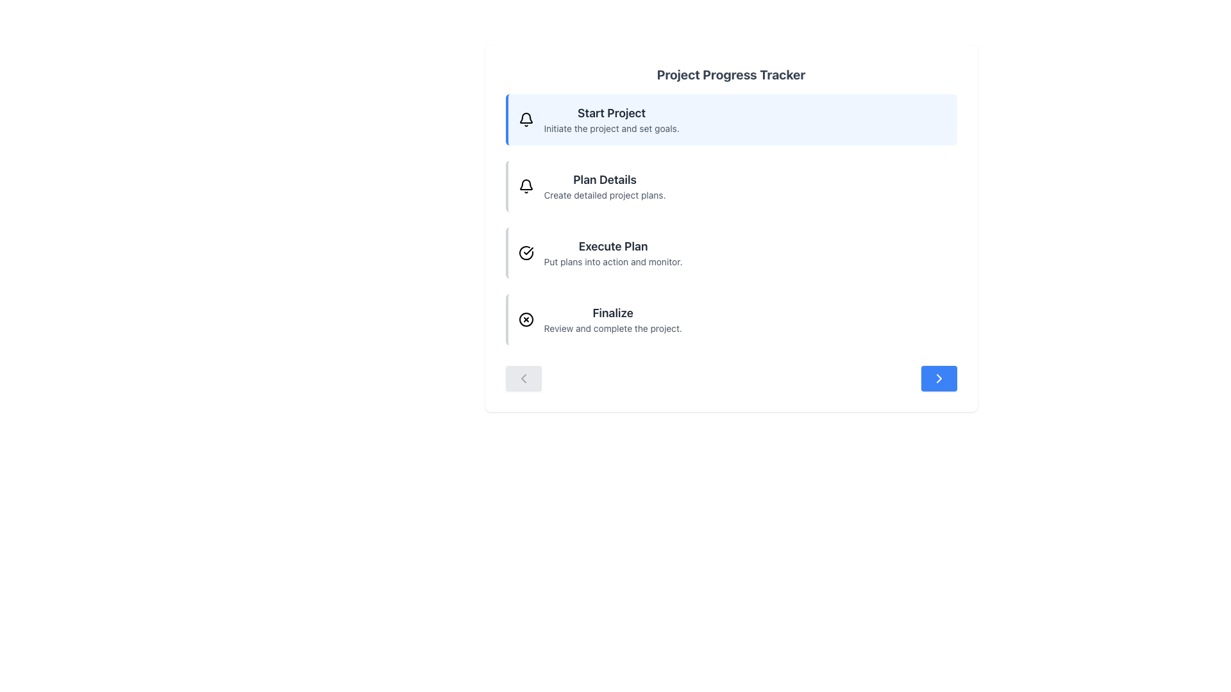 Image resolution: width=1231 pixels, height=692 pixels. I want to click on the circular icon with a checkmark inside it, located to the left of the 'Execute Plan' text in the third row of the task list, so click(526, 252).